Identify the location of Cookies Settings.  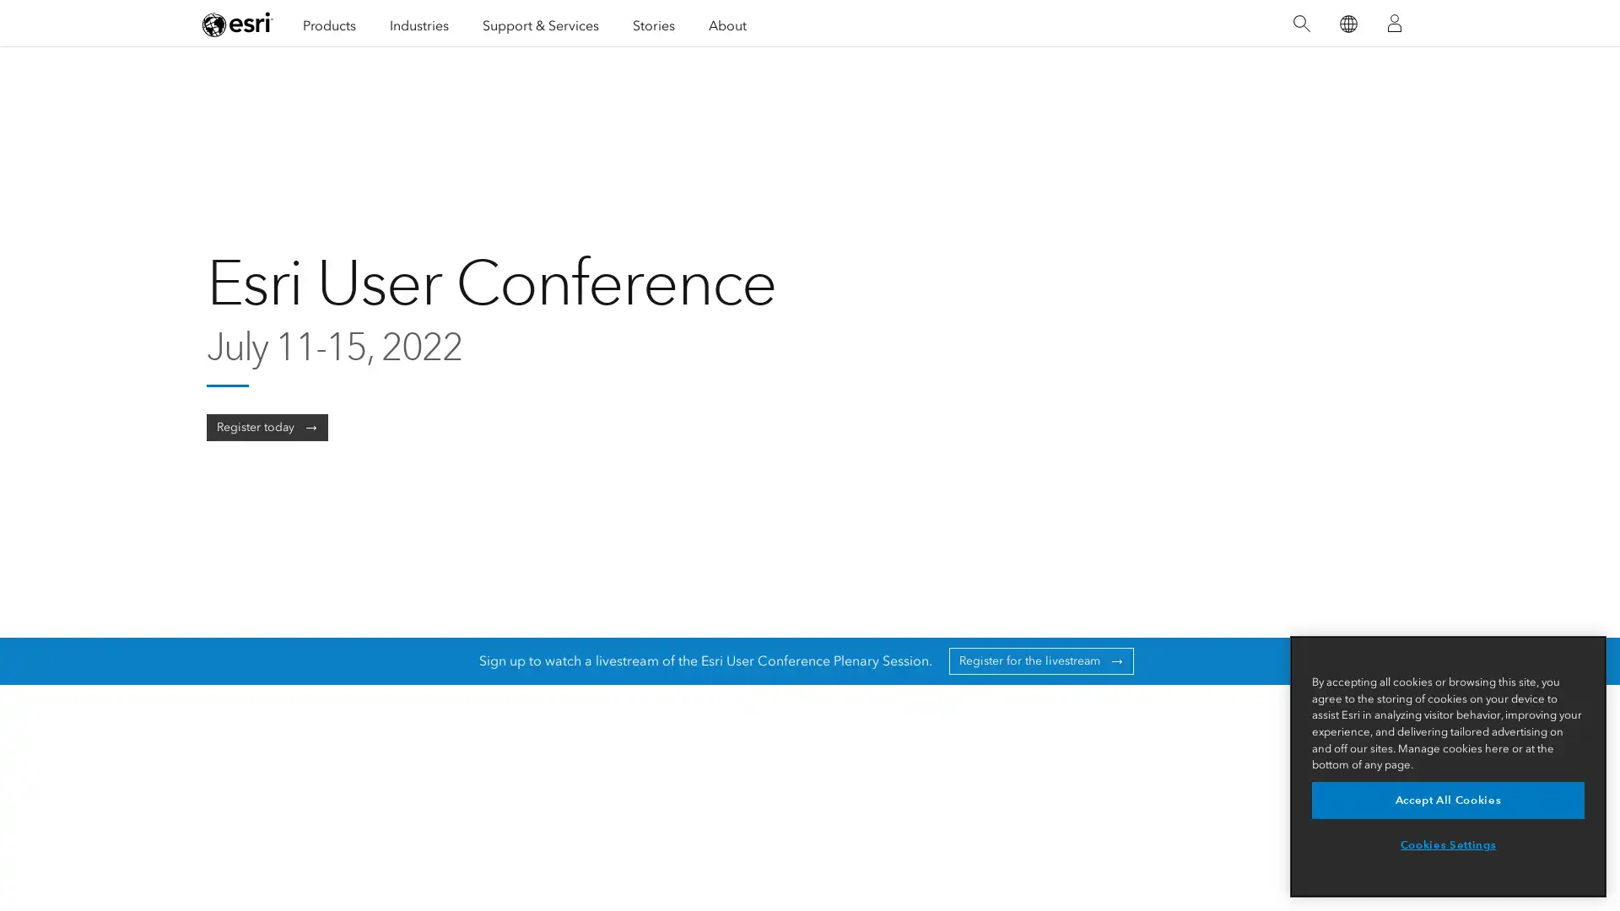
(1447, 845).